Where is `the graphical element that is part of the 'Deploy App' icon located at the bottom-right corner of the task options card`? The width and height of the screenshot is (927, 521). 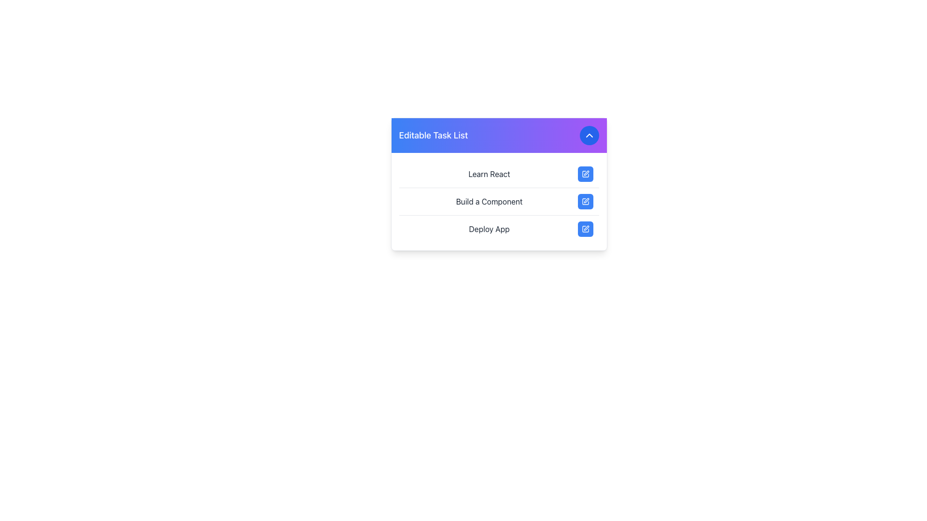 the graphical element that is part of the 'Deploy App' icon located at the bottom-right corner of the task options card is located at coordinates (585, 229).